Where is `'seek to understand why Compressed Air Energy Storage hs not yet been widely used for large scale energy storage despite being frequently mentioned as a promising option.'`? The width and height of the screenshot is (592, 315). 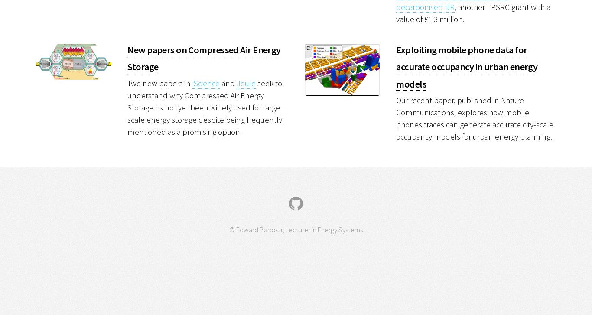 'seek to understand why Compressed Air Energy Storage hs not yet been widely used for large scale energy storage despite being frequently mentioned as a promising option.' is located at coordinates (205, 107).